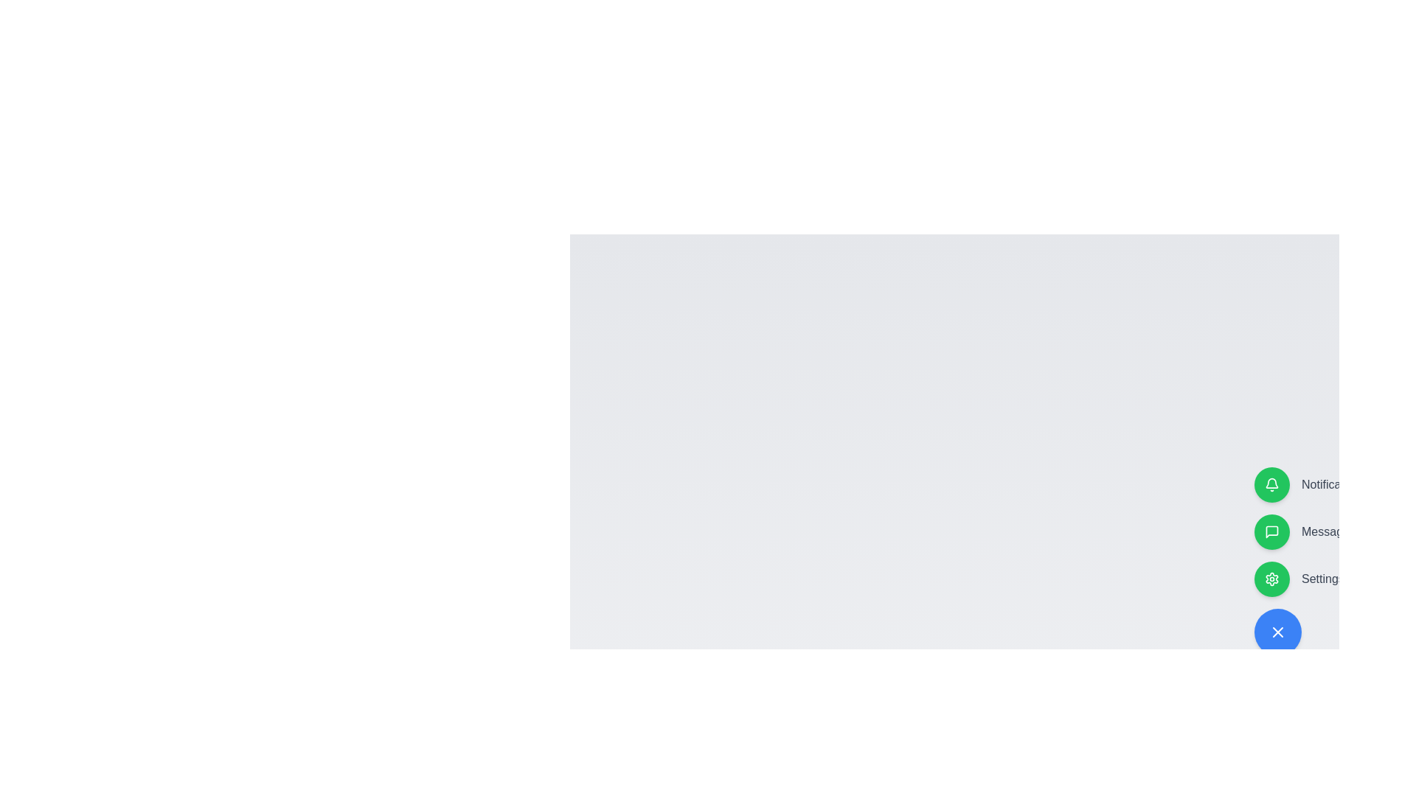 This screenshot has height=796, width=1416. I want to click on the button associated with the label Messages, so click(1271, 531).